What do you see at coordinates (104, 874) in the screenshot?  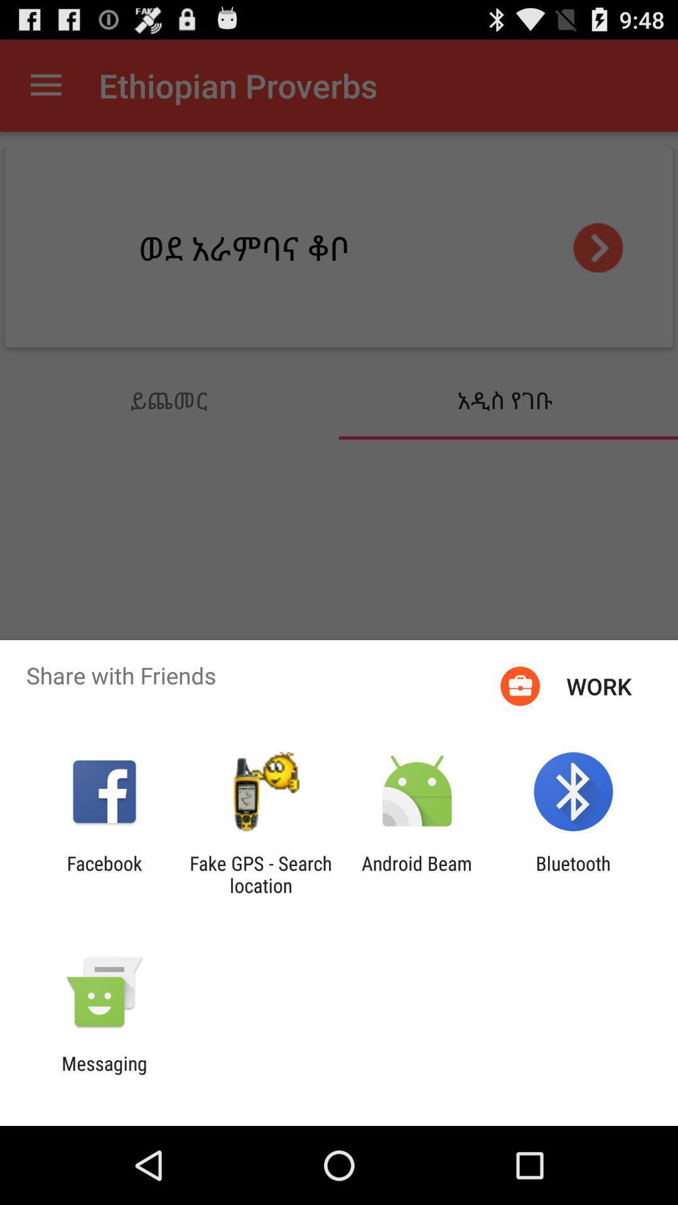 I see `the item next to the fake gps search icon` at bounding box center [104, 874].